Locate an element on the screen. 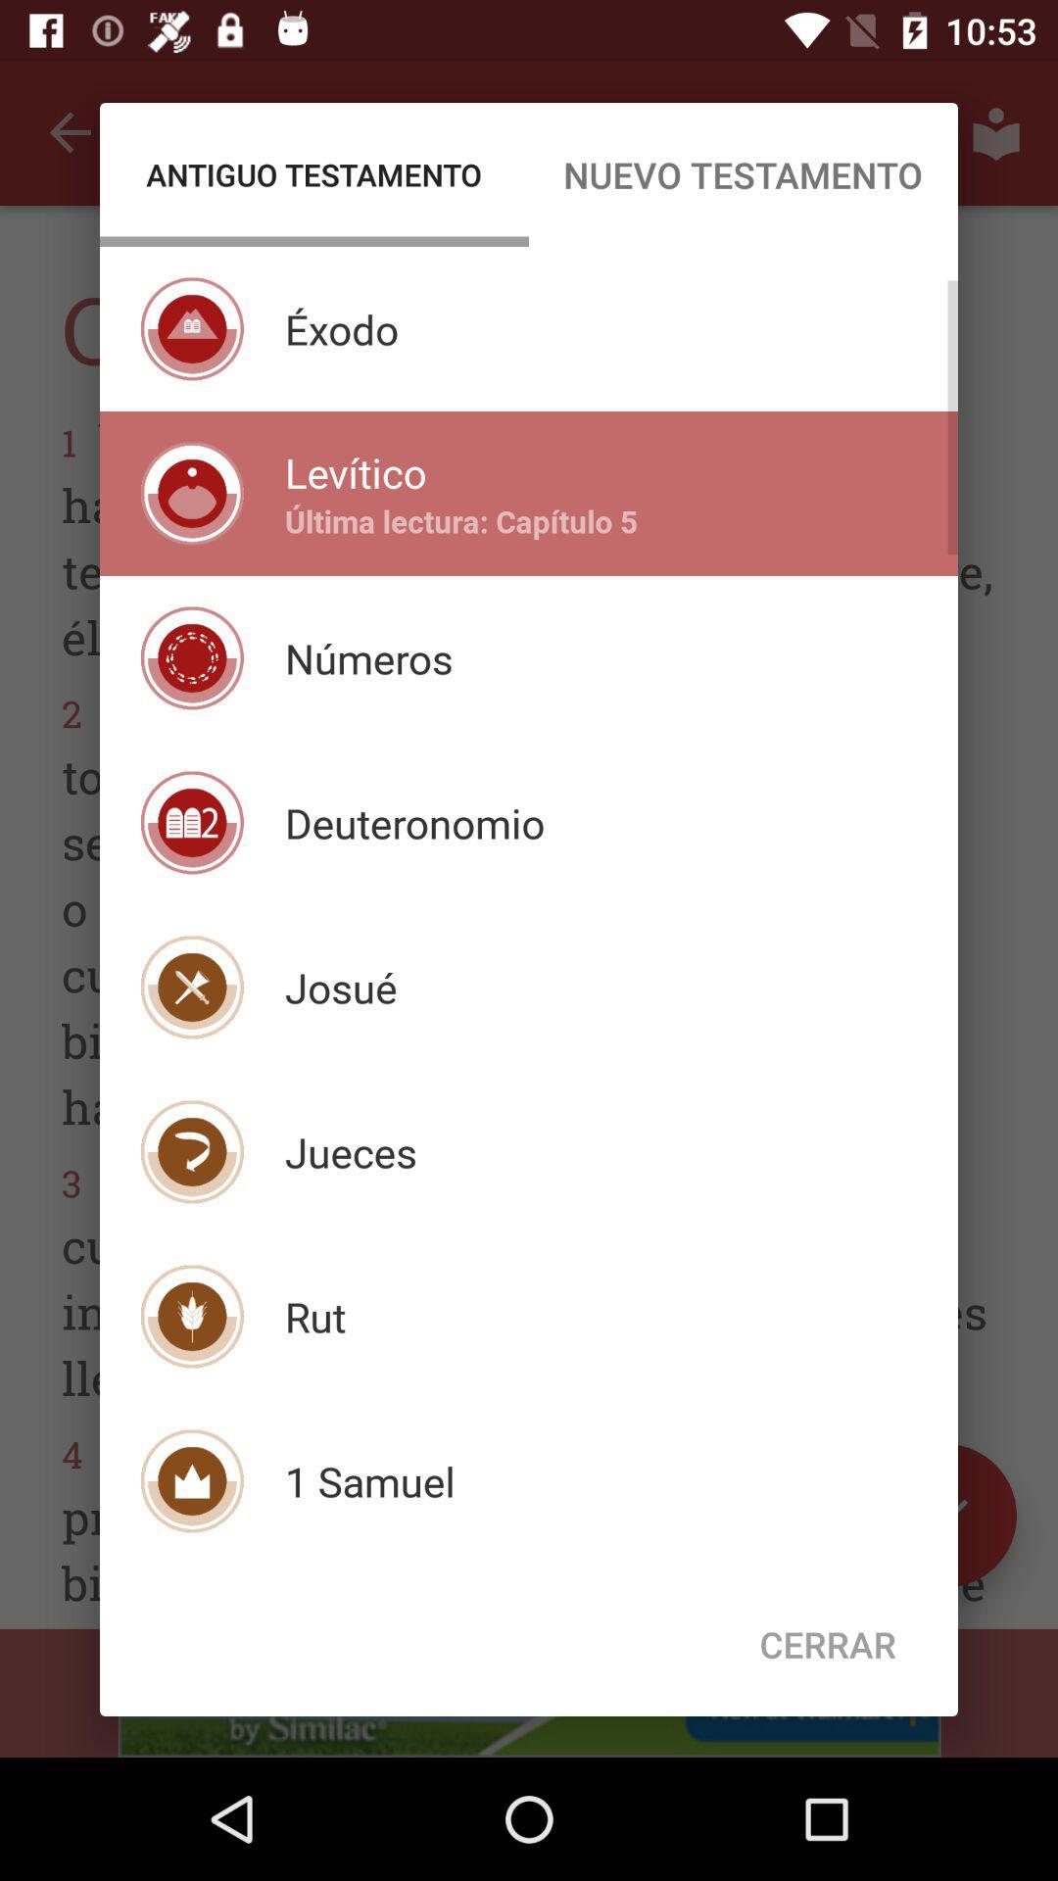  the cerrar is located at coordinates (828, 1644).